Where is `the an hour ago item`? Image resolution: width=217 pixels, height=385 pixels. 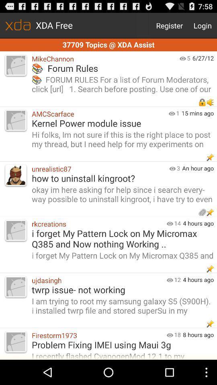
the an hour ago item is located at coordinates (199, 168).